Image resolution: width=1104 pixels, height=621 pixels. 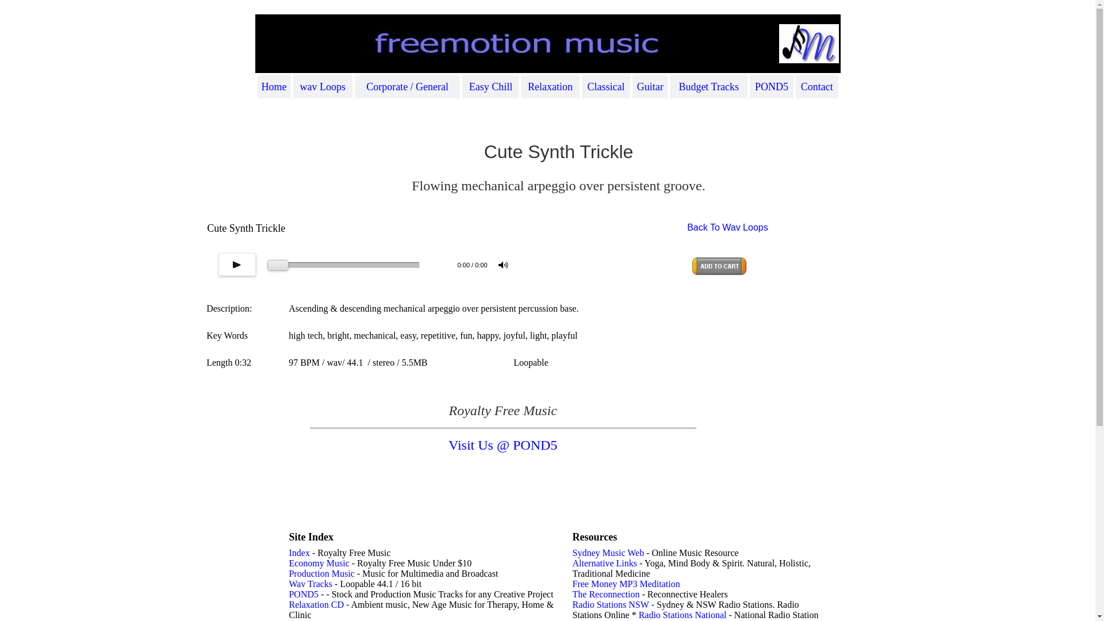 I want to click on '-', so click(x=346, y=604).